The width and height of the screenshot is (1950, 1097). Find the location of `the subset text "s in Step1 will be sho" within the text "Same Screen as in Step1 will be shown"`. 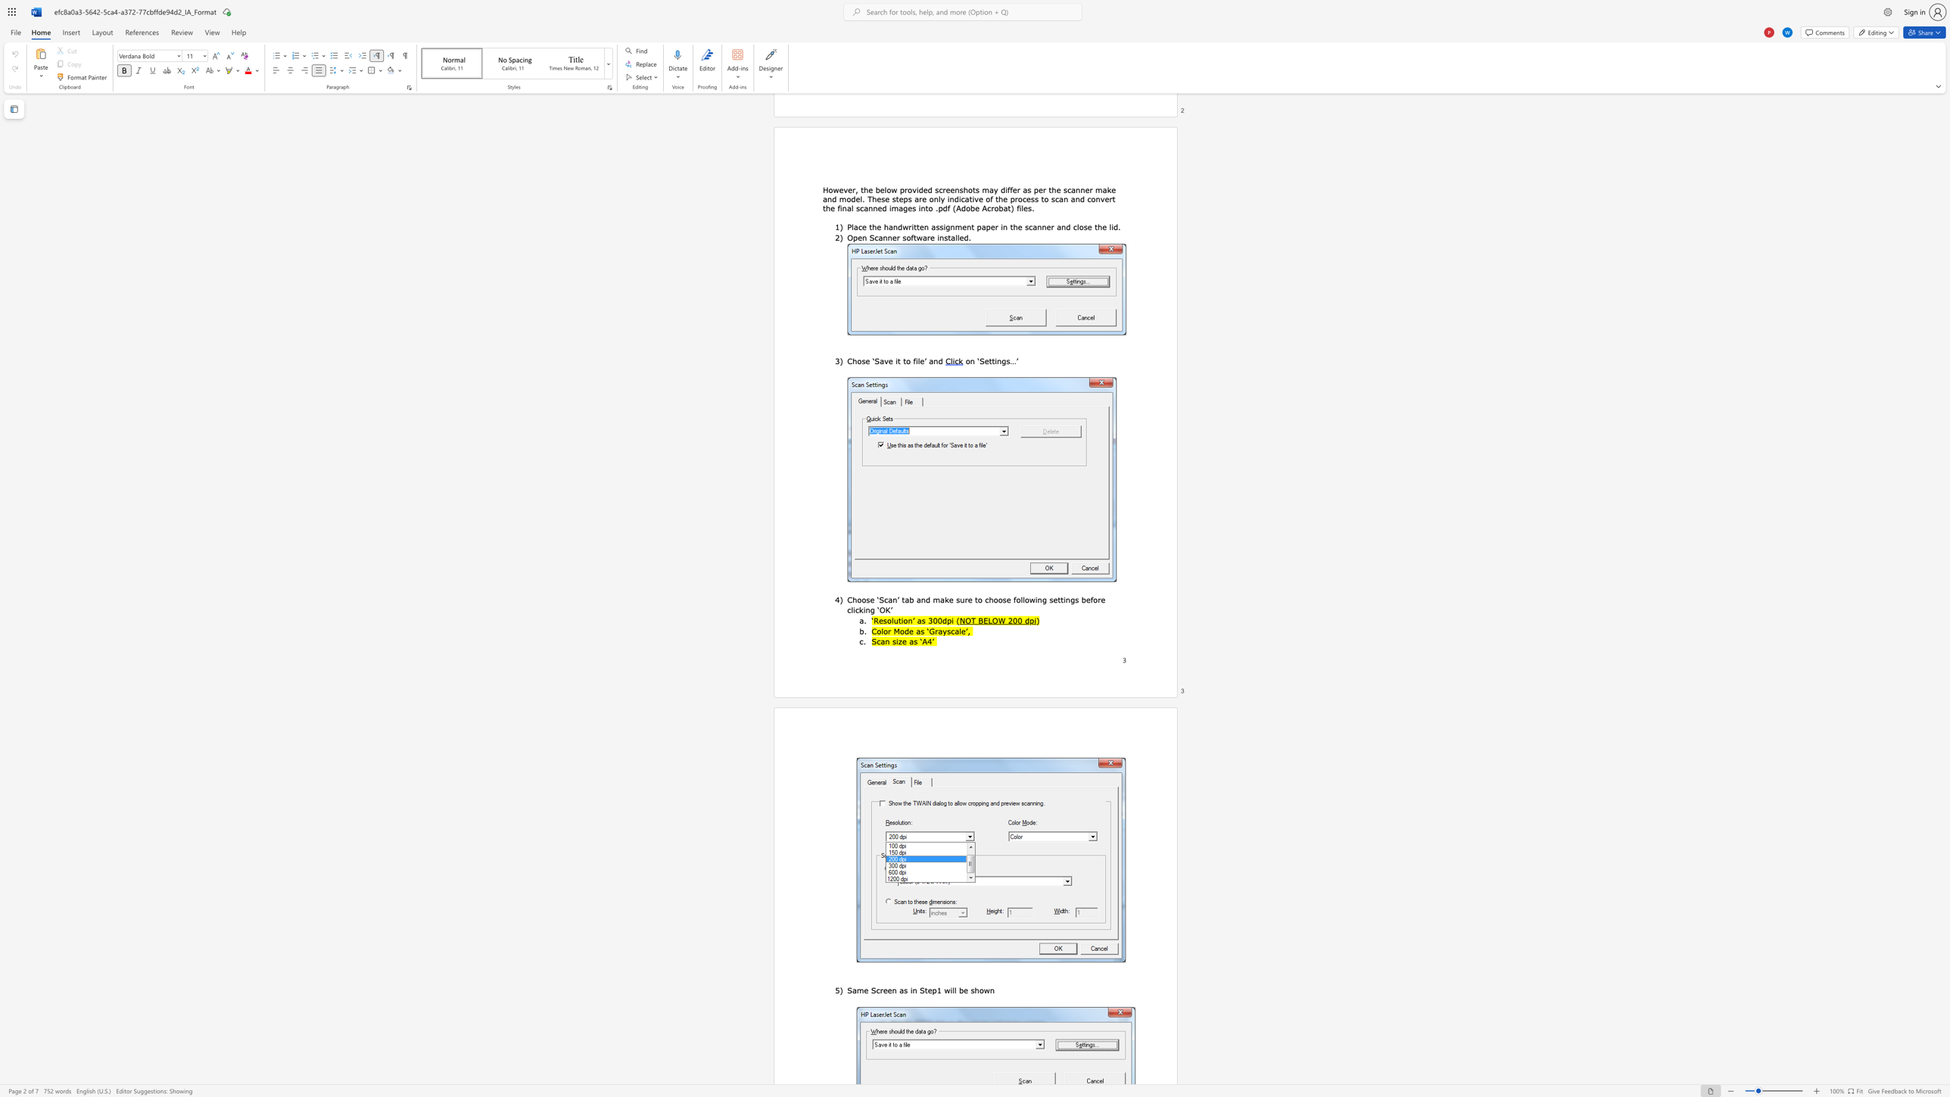

the subset text "s in Step1 will be sho" within the text "Same Screen as in Step1 will be shown" is located at coordinates (903, 989).